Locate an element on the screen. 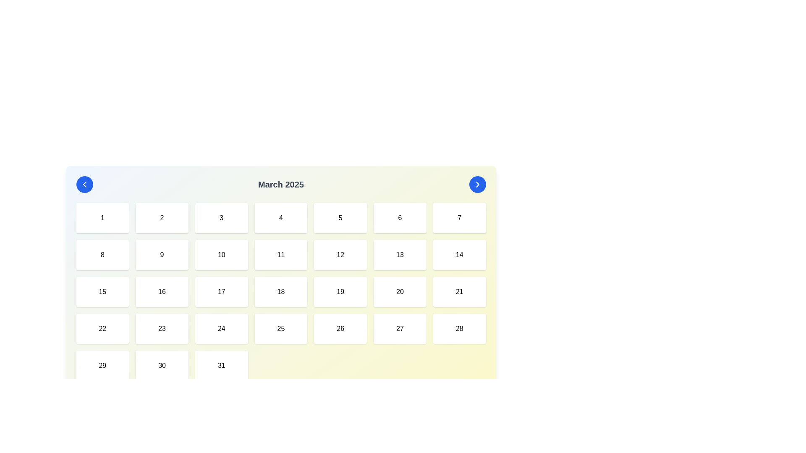 The width and height of the screenshot is (806, 453). the calendar date element labeled '3' is located at coordinates (221, 218).